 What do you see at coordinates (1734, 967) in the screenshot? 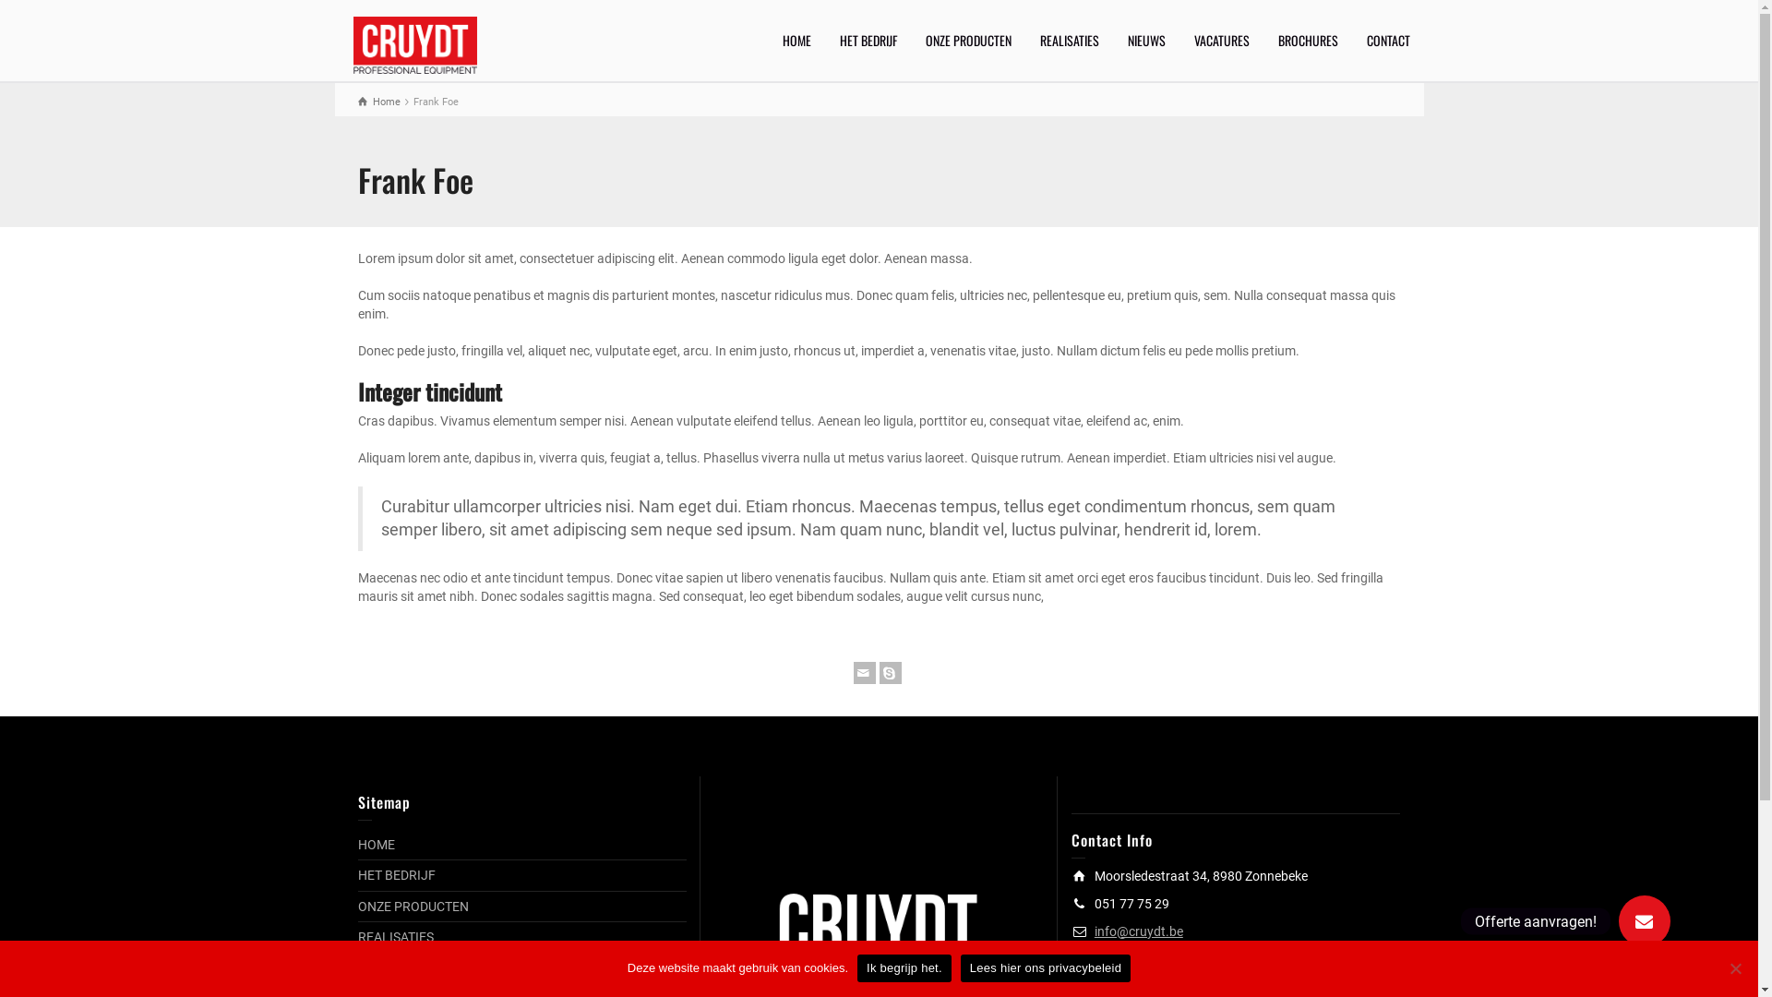
I see `'No'` at bounding box center [1734, 967].